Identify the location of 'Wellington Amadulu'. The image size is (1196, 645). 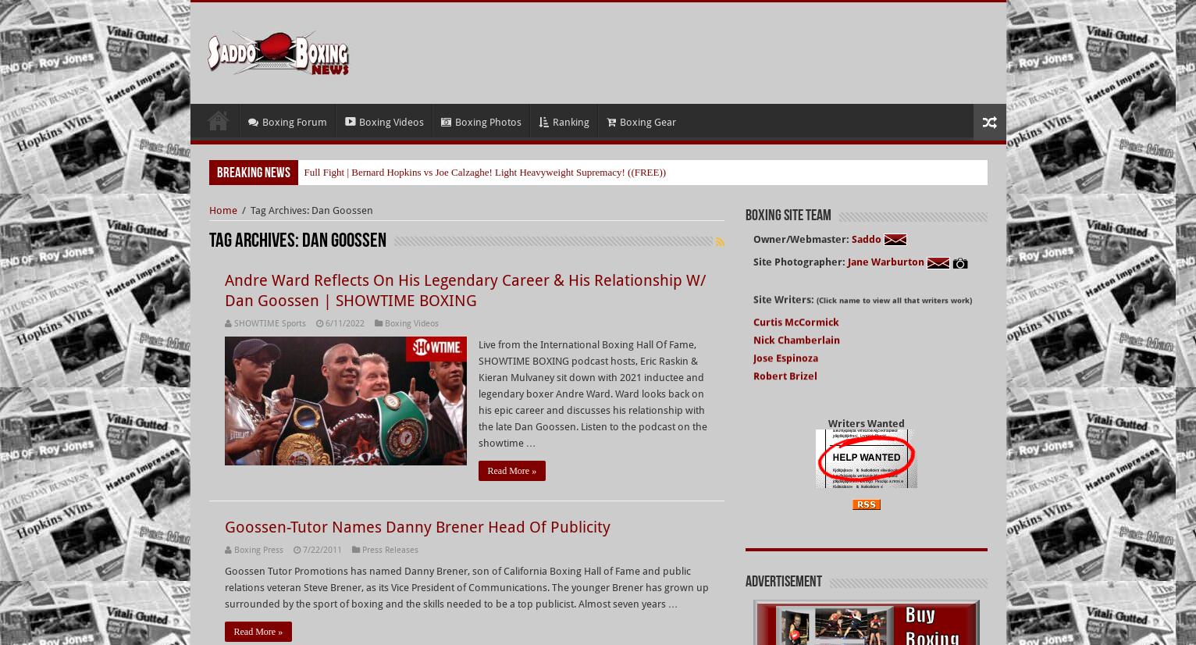
(802, 463).